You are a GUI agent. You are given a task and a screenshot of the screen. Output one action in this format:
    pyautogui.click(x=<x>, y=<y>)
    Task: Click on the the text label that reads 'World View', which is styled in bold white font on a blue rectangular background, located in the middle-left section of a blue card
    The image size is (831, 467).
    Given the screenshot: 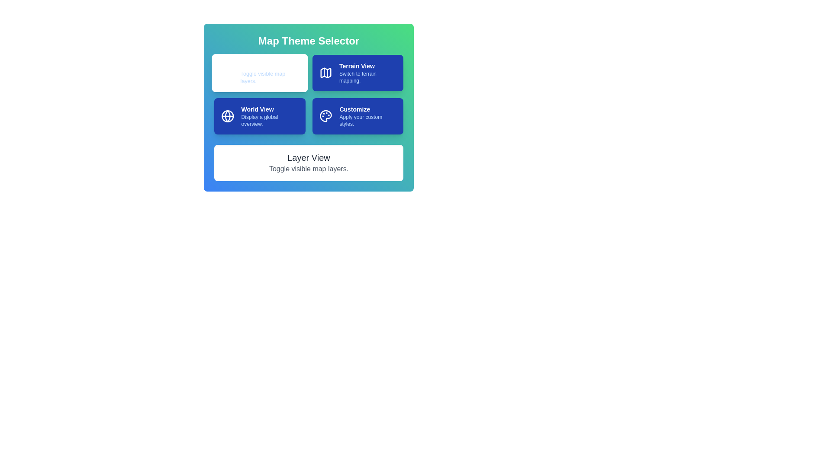 What is the action you would take?
    pyautogui.click(x=269, y=109)
    